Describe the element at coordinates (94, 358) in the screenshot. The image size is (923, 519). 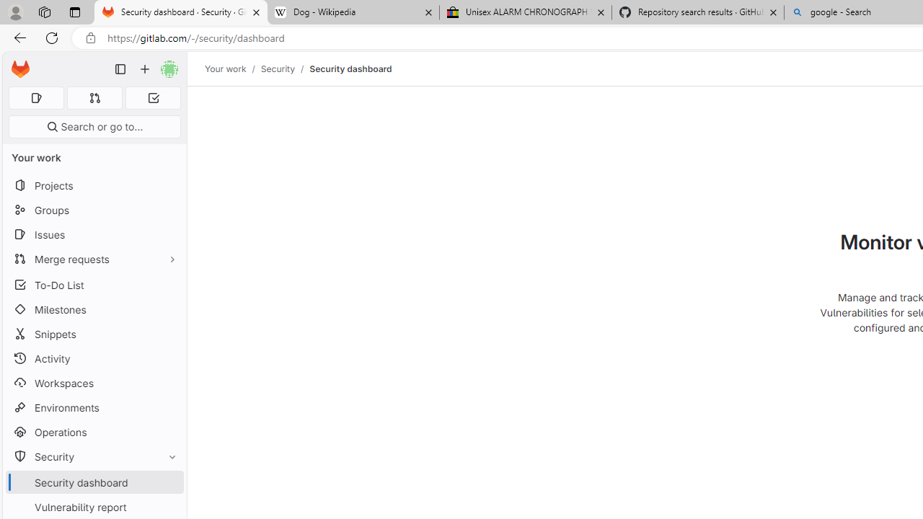
I see `'Activity'` at that location.